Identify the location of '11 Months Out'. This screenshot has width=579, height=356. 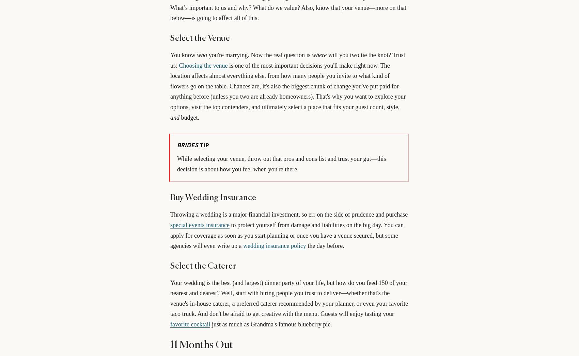
(201, 345).